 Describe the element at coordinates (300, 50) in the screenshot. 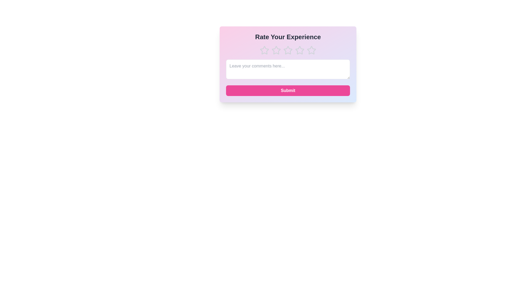

I see `the star corresponding to 4 to preview the rating` at that location.